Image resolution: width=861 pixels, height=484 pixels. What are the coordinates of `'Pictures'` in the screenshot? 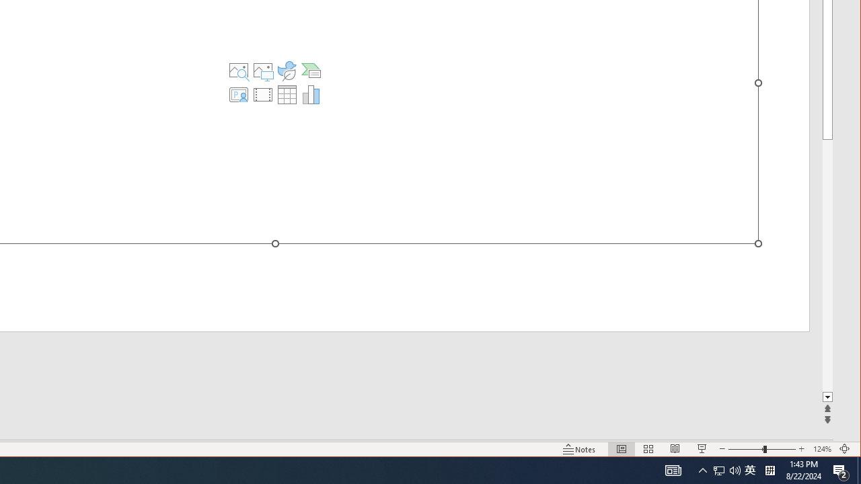 It's located at (263, 71).